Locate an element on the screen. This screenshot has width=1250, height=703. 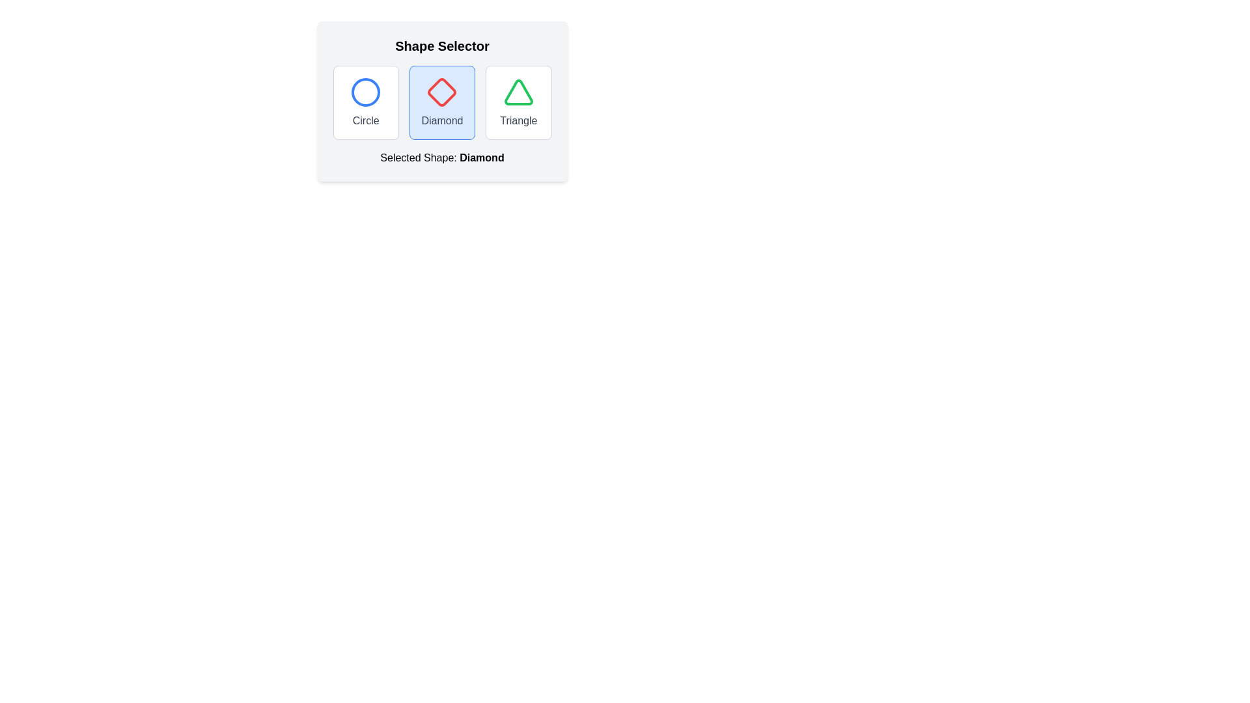
selectable 'Diamond' shape option within the 'Shape Selector' section by clicking on it is located at coordinates (442, 102).